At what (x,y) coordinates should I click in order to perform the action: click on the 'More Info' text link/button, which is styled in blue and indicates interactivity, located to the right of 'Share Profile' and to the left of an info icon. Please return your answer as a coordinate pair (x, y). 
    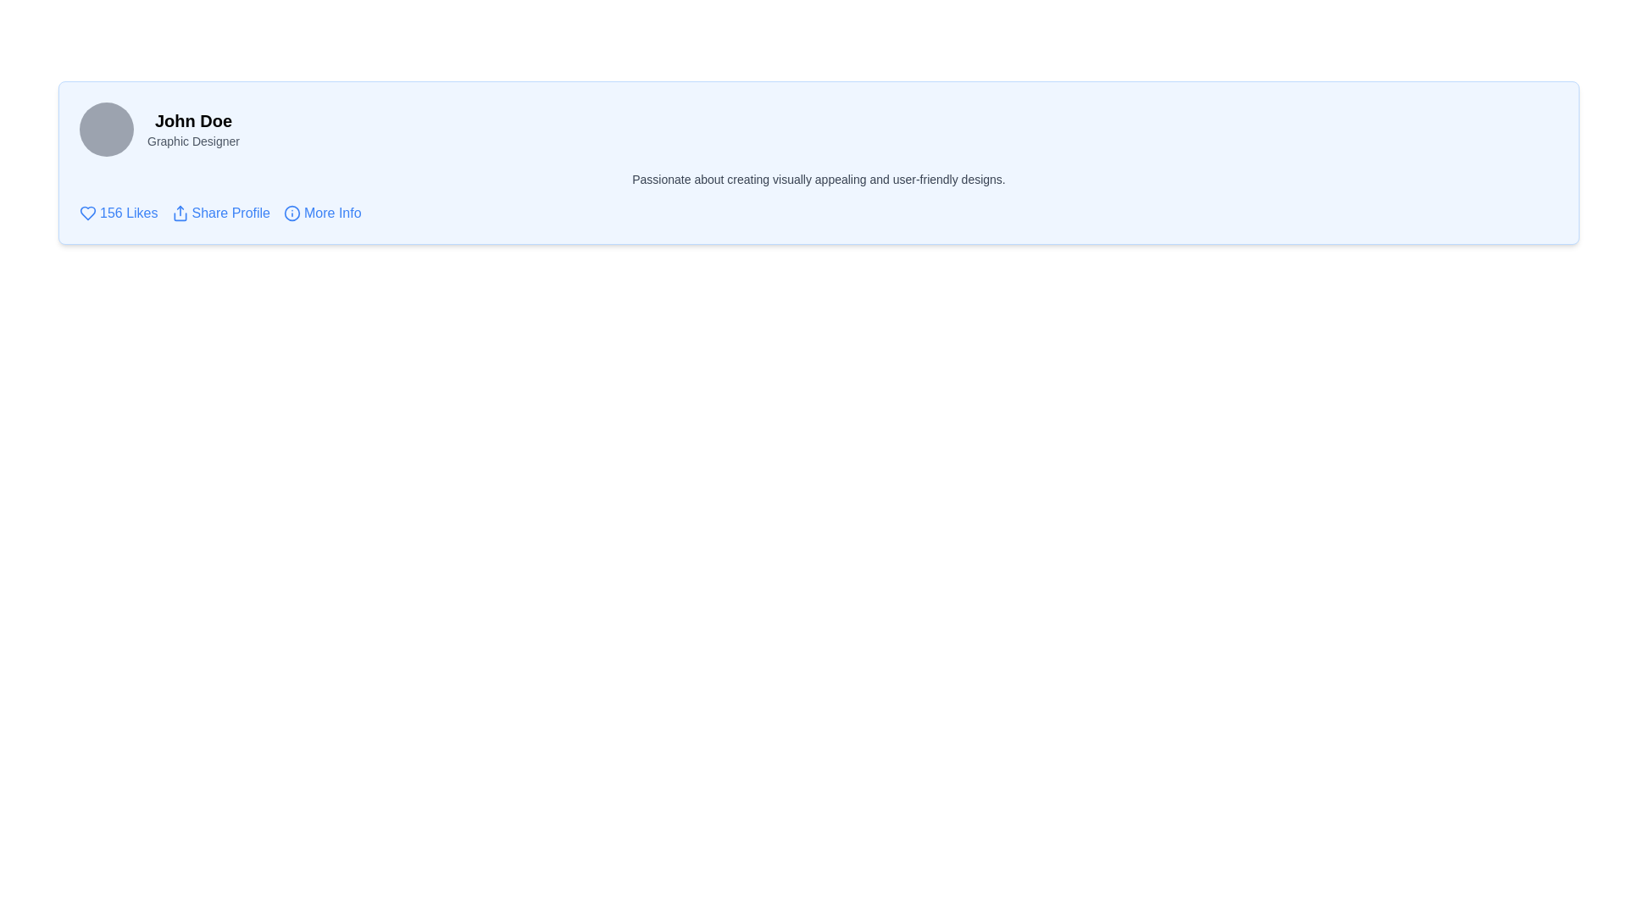
    Looking at the image, I should click on (332, 212).